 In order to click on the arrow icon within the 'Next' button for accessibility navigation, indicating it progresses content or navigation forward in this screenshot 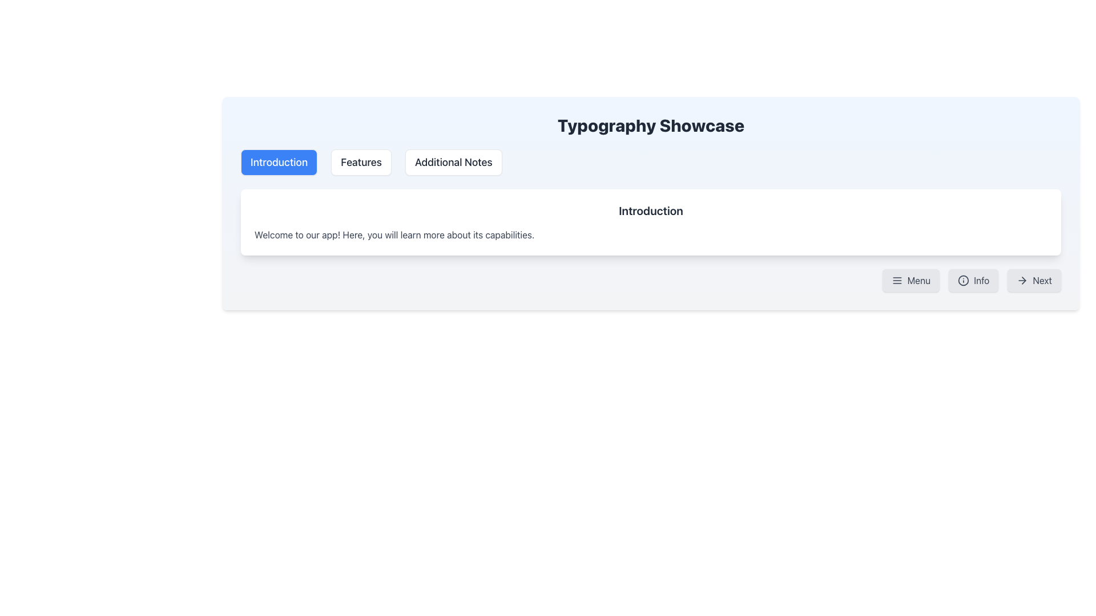, I will do `click(1022, 281)`.